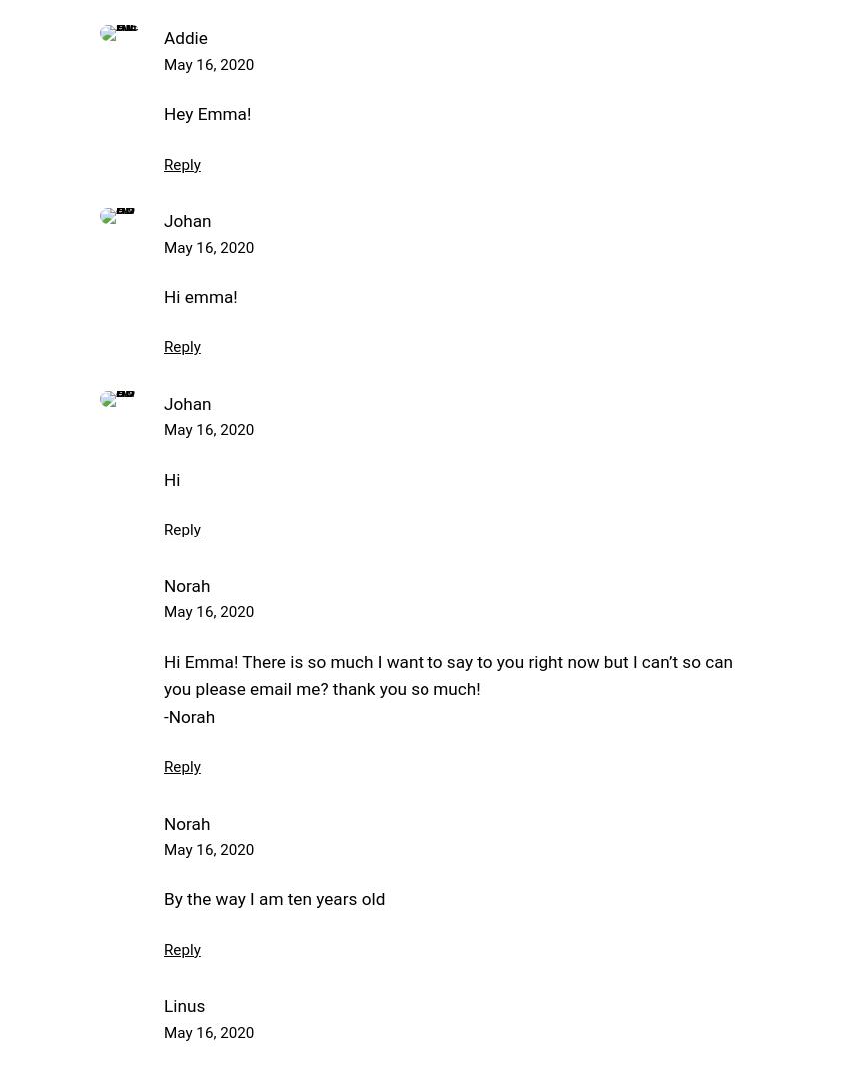 Image resolution: width=849 pixels, height=1073 pixels. What do you see at coordinates (273, 898) in the screenshot?
I see `'By the way I am ten years old'` at bounding box center [273, 898].